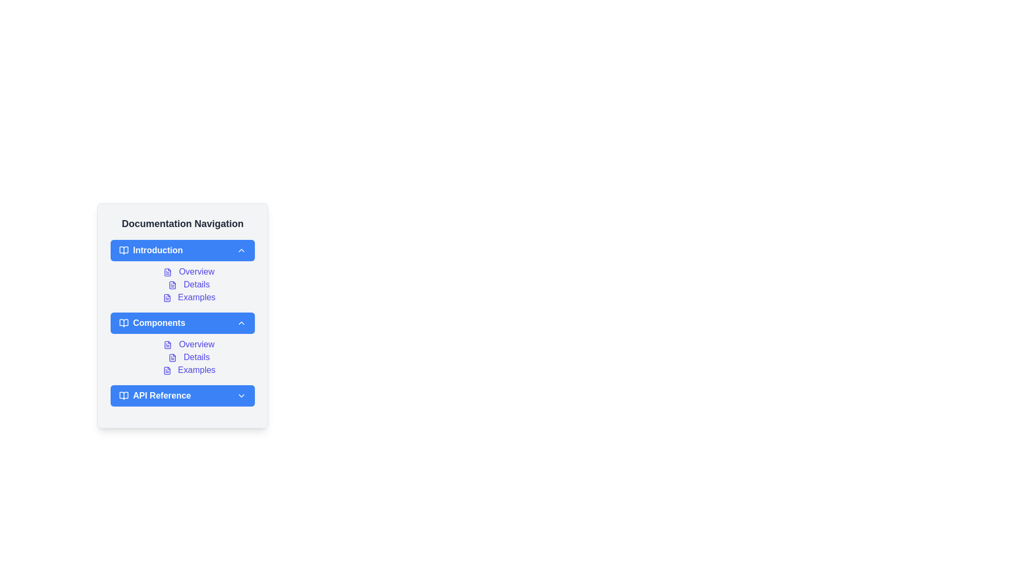  Describe the element at coordinates (189, 284) in the screenshot. I see `the 'Details' hyperlink, which is the second item in the documentation navigation panel under the 'Introduction' section` at that location.